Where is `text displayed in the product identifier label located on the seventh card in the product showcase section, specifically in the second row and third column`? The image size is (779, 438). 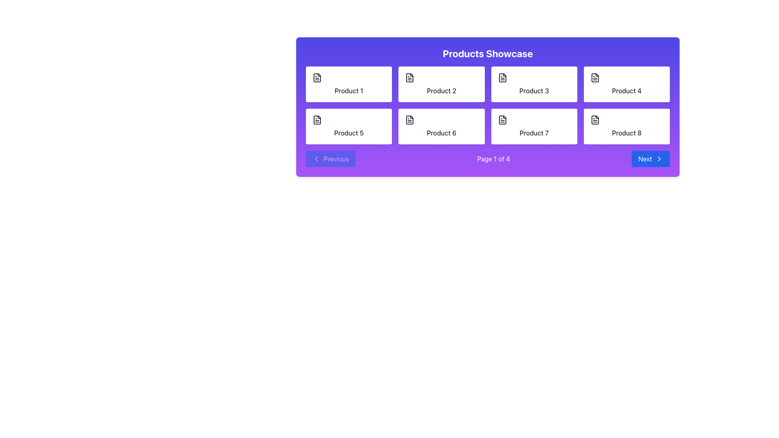
text displayed in the product identifier label located on the seventh card in the product showcase section, specifically in the second row and third column is located at coordinates (534, 132).